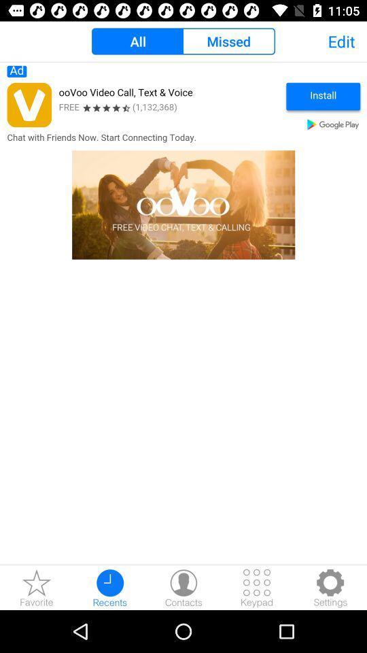 The height and width of the screenshot is (653, 367). I want to click on the time icon, so click(109, 587).